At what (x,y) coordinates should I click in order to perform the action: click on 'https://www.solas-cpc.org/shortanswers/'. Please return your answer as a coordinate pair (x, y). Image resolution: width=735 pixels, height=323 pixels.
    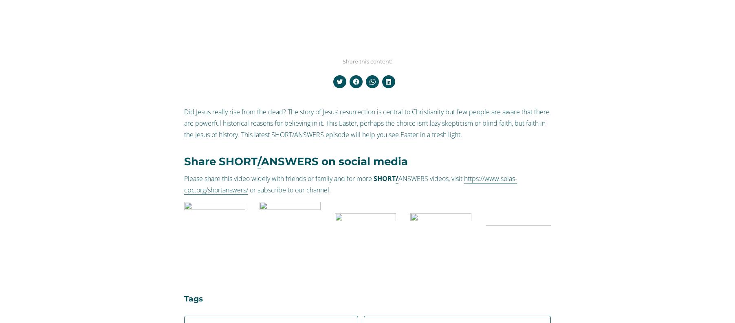
    Looking at the image, I should click on (350, 184).